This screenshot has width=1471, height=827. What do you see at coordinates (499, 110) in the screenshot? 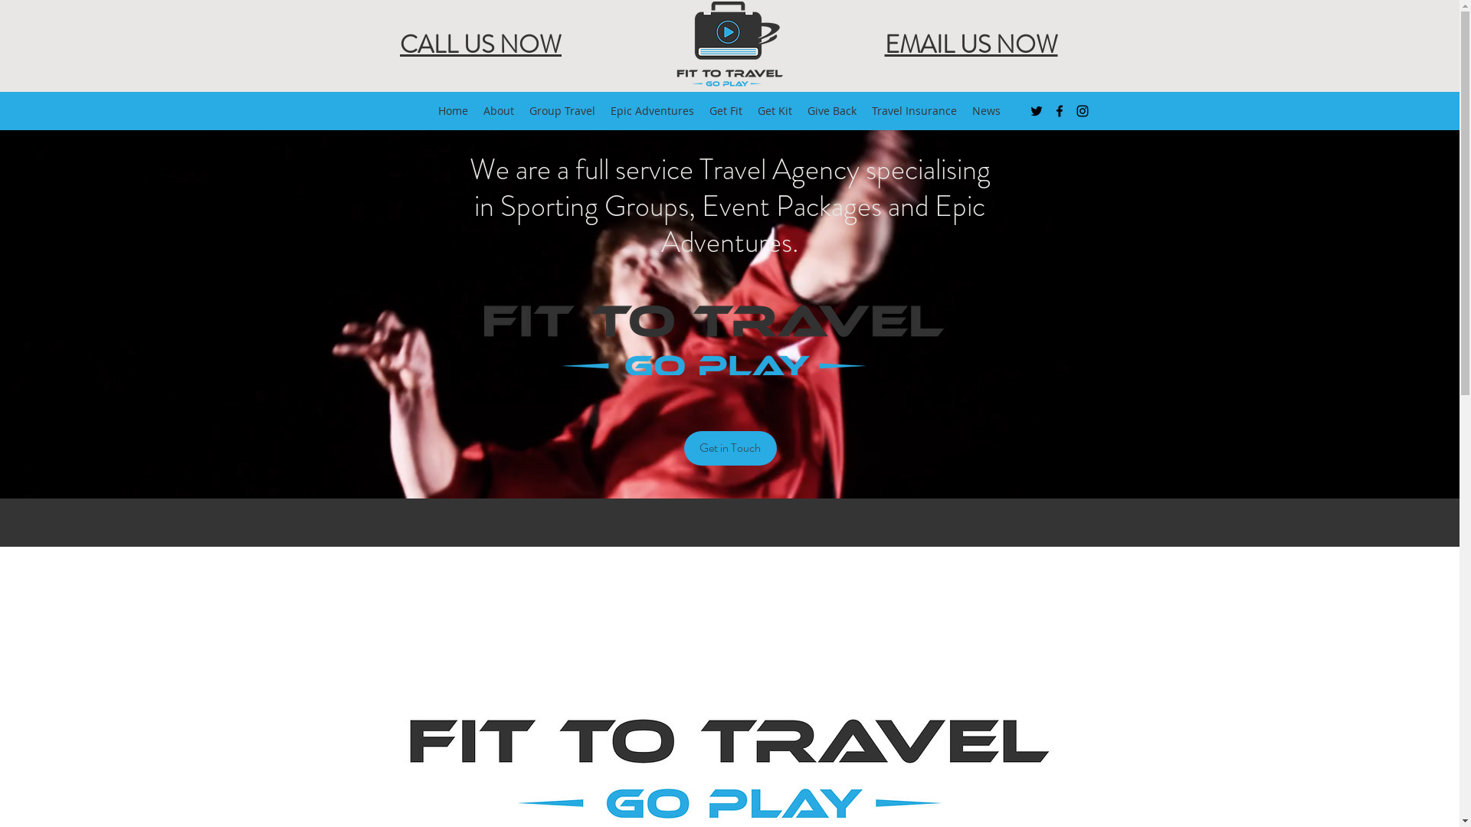
I see `'About'` at bounding box center [499, 110].